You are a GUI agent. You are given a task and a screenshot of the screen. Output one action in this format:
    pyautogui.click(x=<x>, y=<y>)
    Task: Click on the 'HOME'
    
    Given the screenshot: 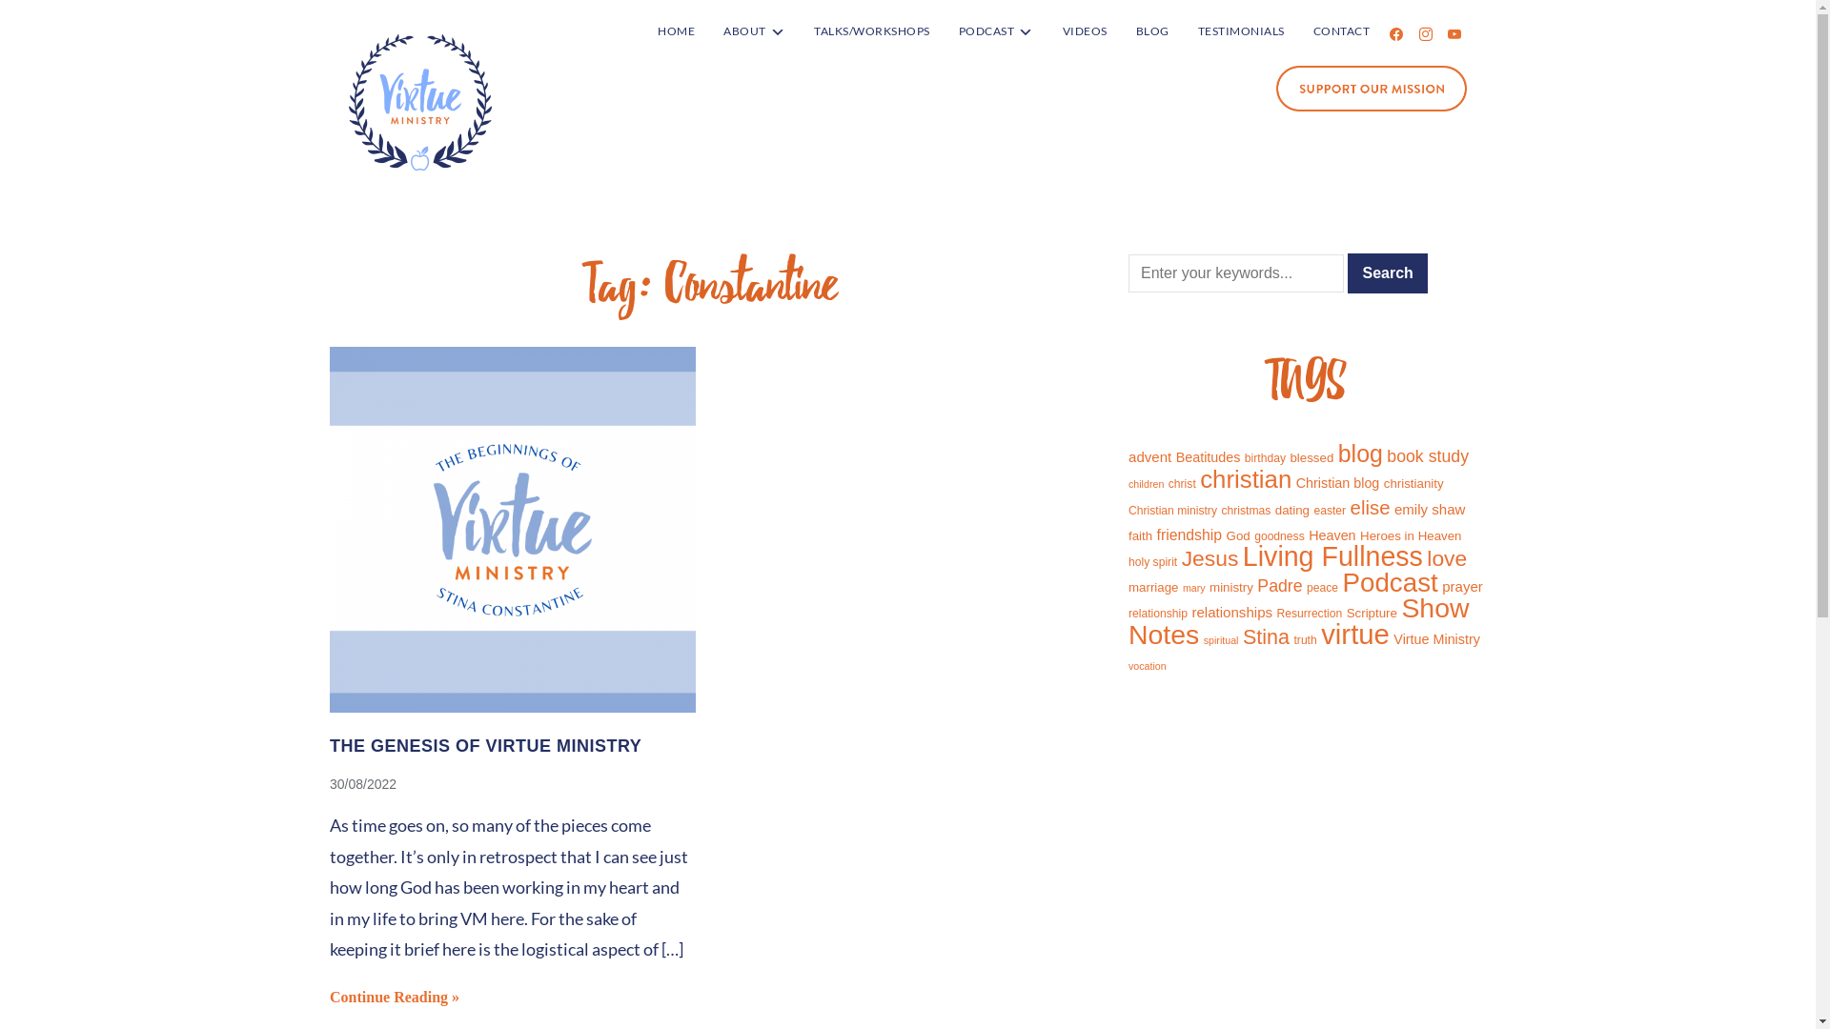 What is the action you would take?
    pyautogui.click(x=676, y=31)
    